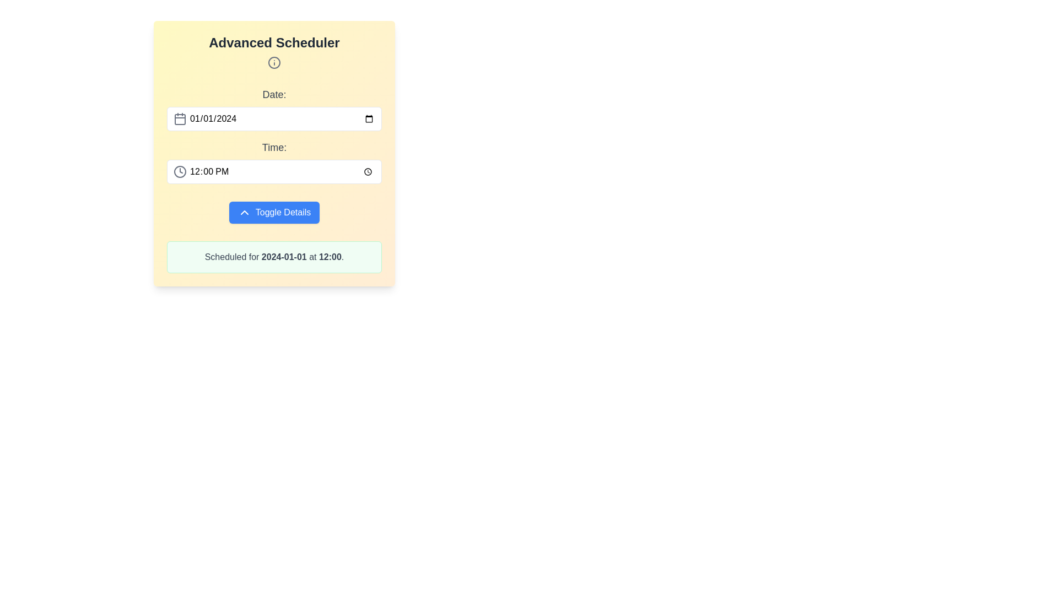 The height and width of the screenshot is (595, 1058). I want to click on the time input area of the Time Picker Input Field, which is labeled 'Time:' and contains a default time value in the center, so click(274, 161).